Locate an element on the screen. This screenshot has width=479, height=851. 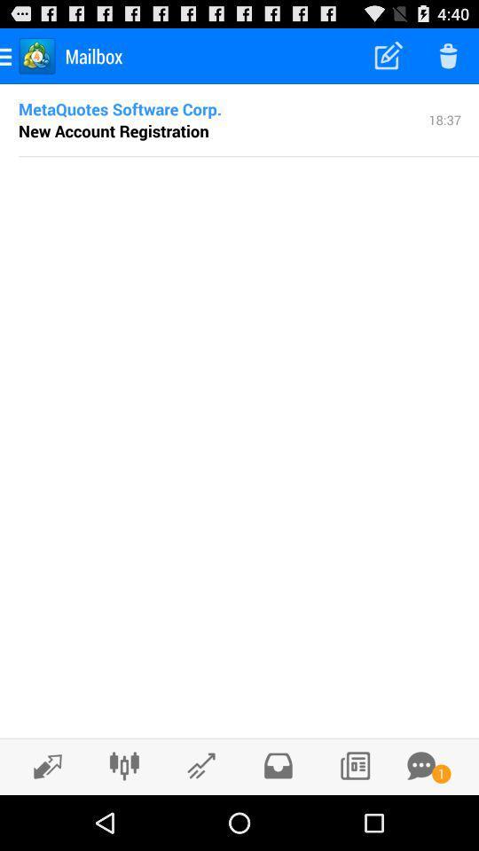
icon below 18:37 icon is located at coordinates (247, 155).